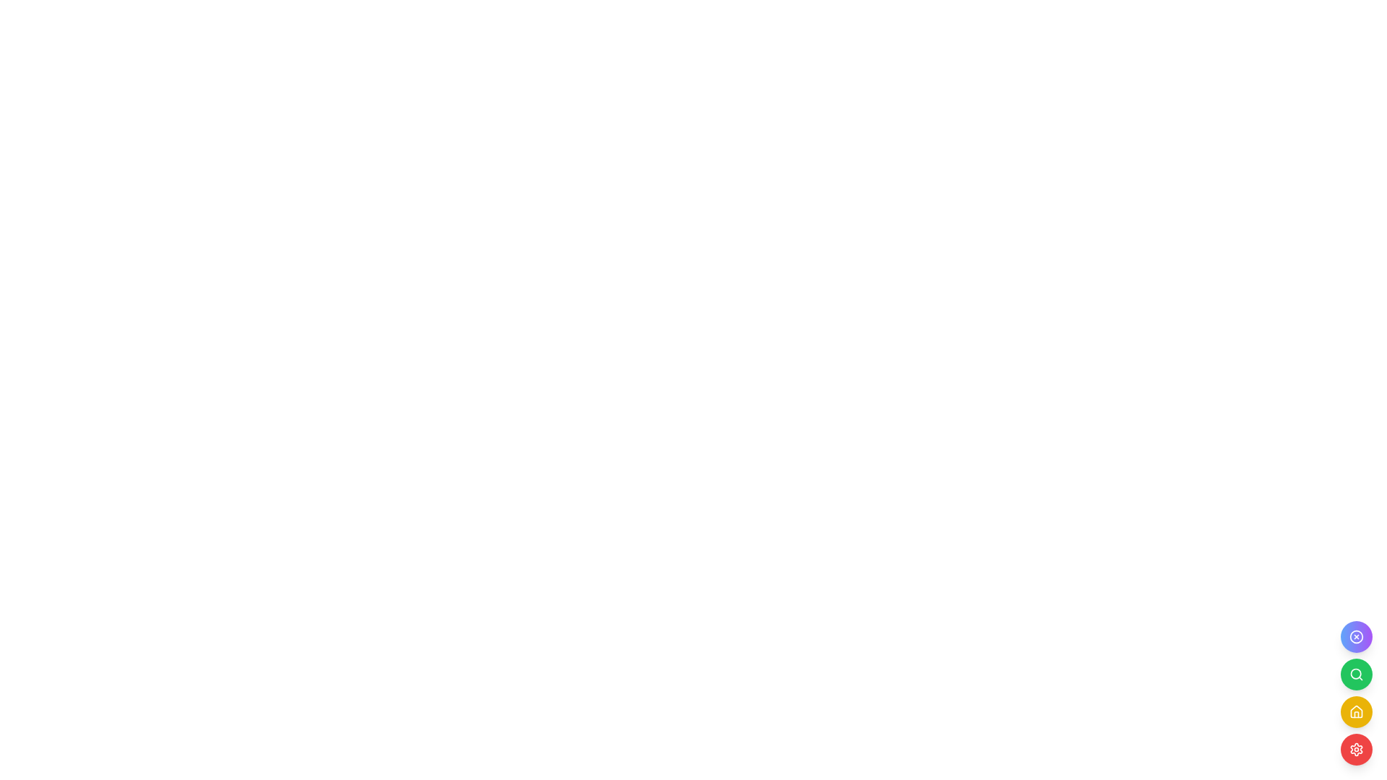 The height and width of the screenshot is (780, 1387). I want to click on the green circular search button with a magnifying glass icon, so click(1355, 674).